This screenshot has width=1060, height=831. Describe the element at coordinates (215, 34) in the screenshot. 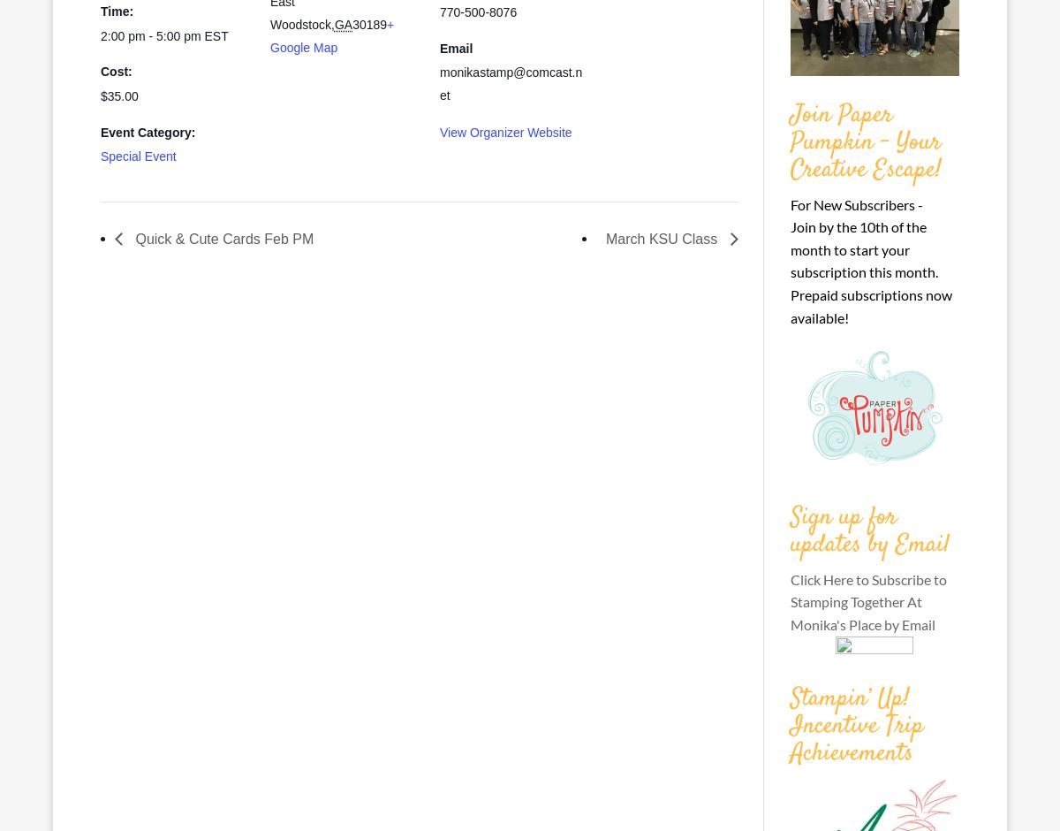

I see `'EST'` at that location.